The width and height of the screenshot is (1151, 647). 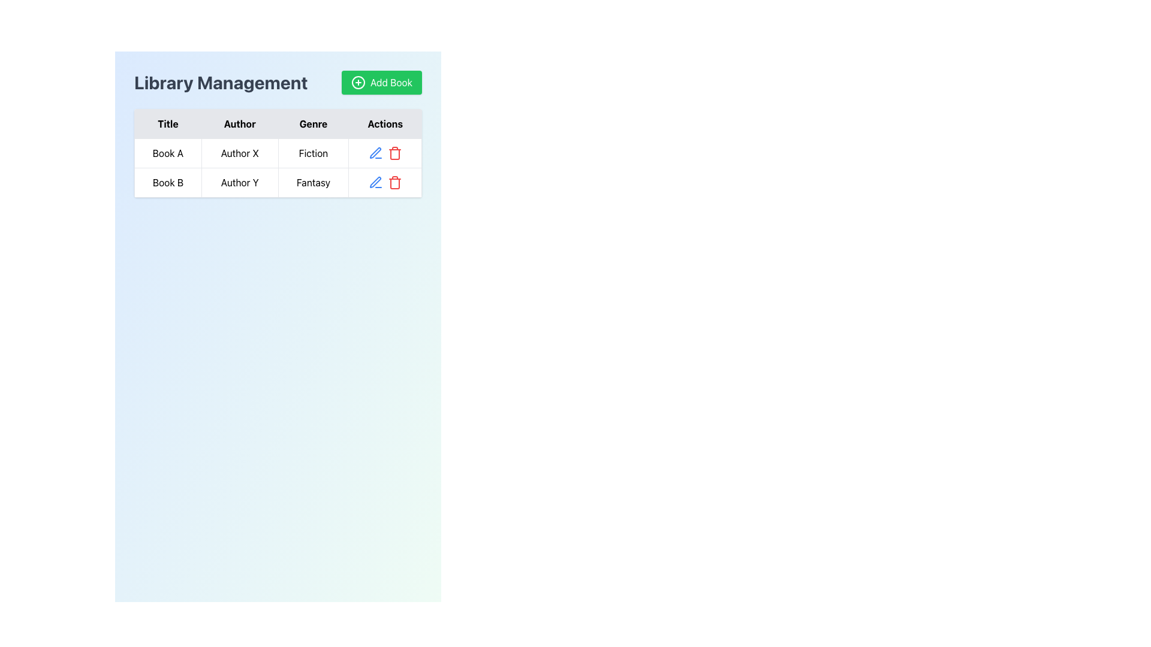 I want to click on the 'Author' Text Header, which is the second cell in a row of column headers, displaying the text in bold on a light gray background, so click(x=240, y=124).